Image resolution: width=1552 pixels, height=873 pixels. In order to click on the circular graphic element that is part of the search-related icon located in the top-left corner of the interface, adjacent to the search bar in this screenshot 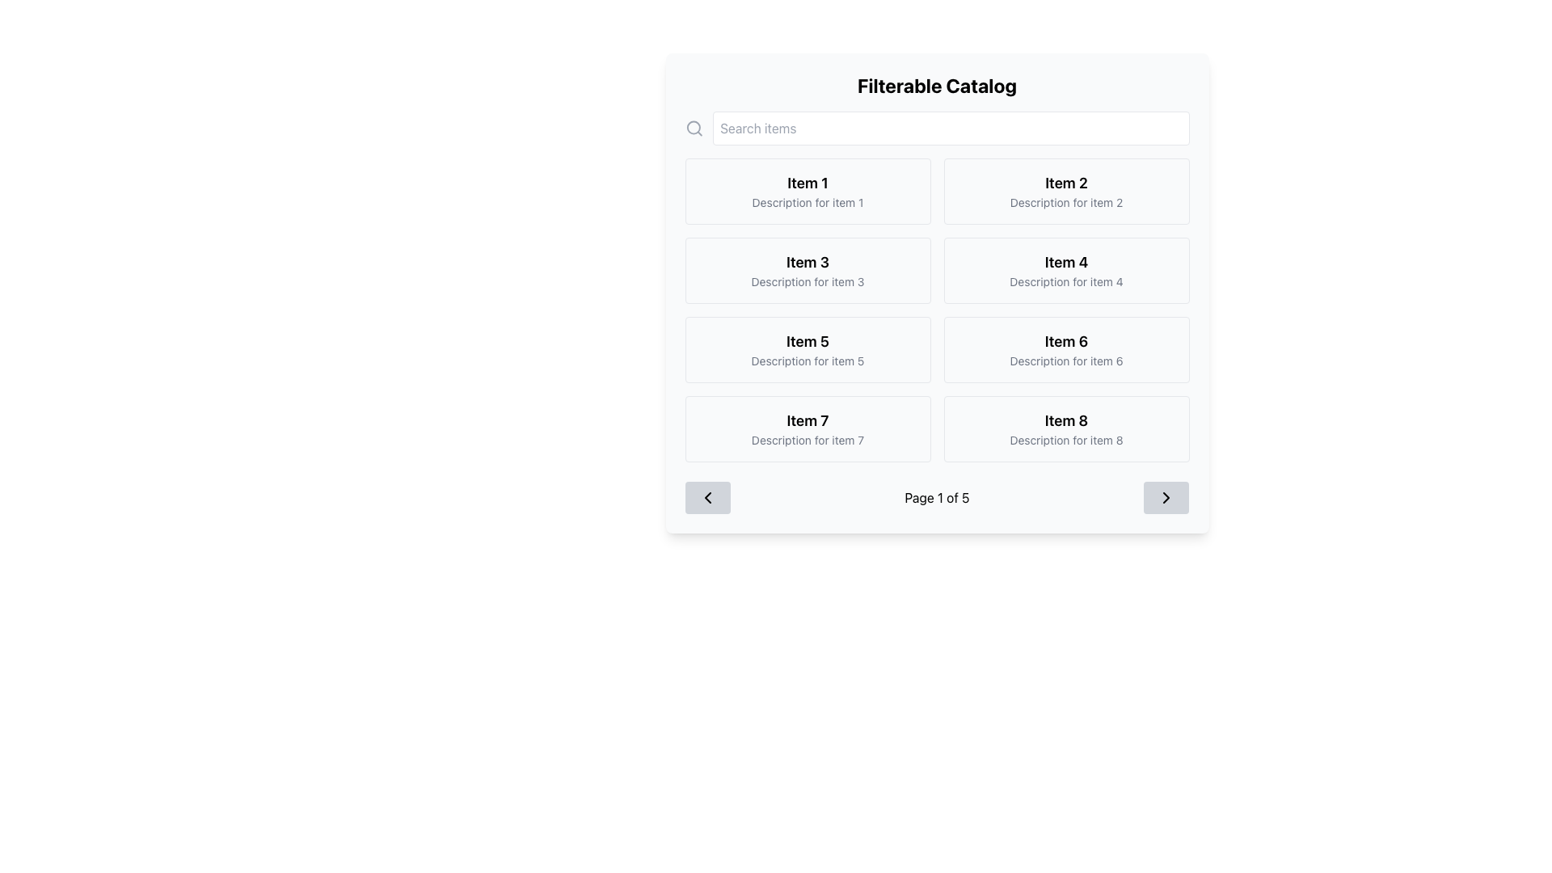, I will do `click(693, 127)`.